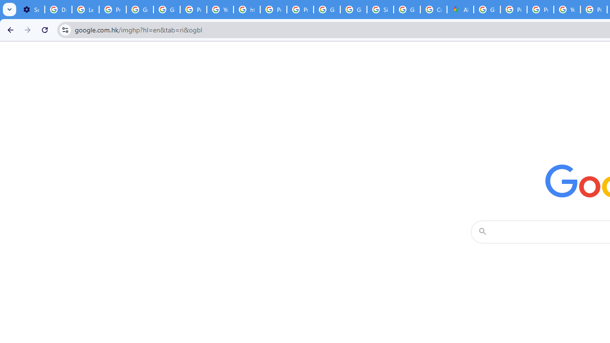  Describe the element at coordinates (31, 10) in the screenshot. I see `'Settings - On startup'` at that location.